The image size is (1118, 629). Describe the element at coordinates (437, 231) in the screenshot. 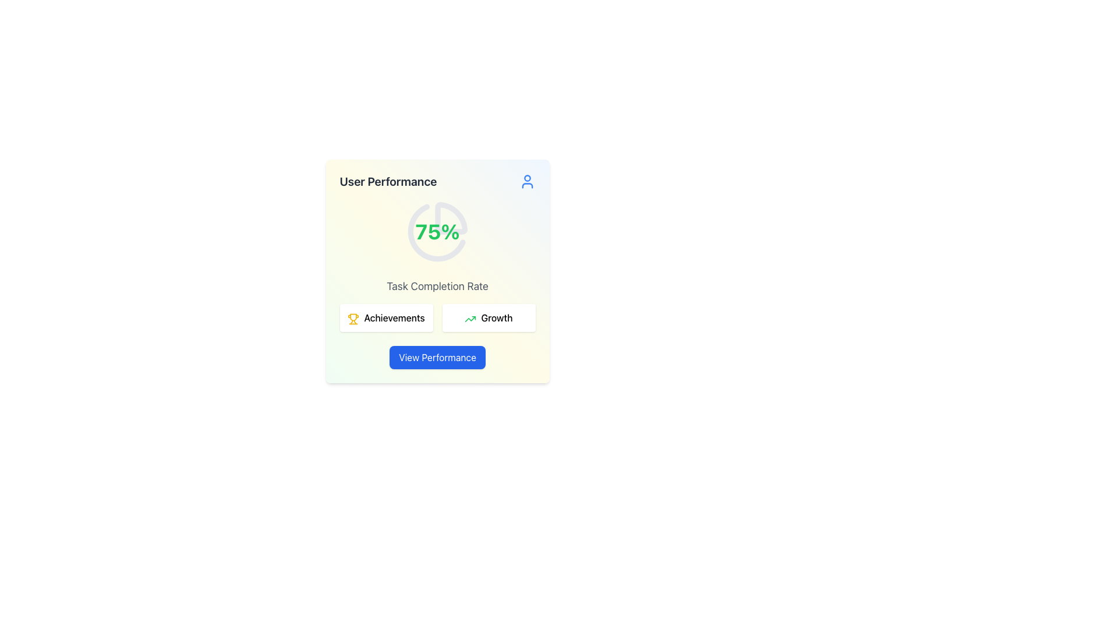

I see `the bold green text '75%' which is centered within a circular graphical context, representing a percentage indicator, in the 'User Performance' card layout` at that location.